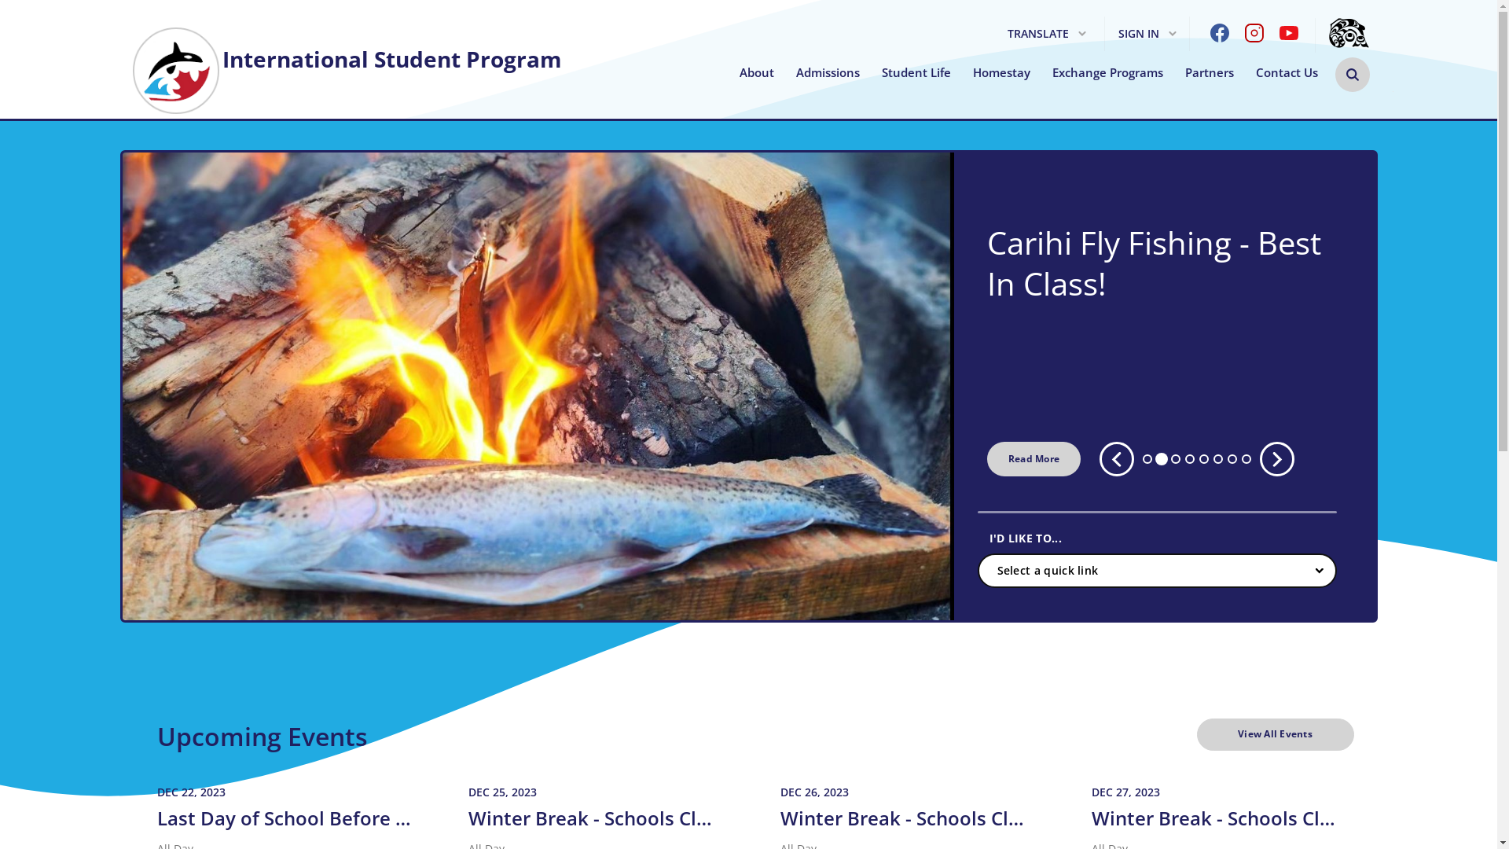 The height and width of the screenshot is (849, 1509). I want to click on 'Admissions', so click(826, 72).